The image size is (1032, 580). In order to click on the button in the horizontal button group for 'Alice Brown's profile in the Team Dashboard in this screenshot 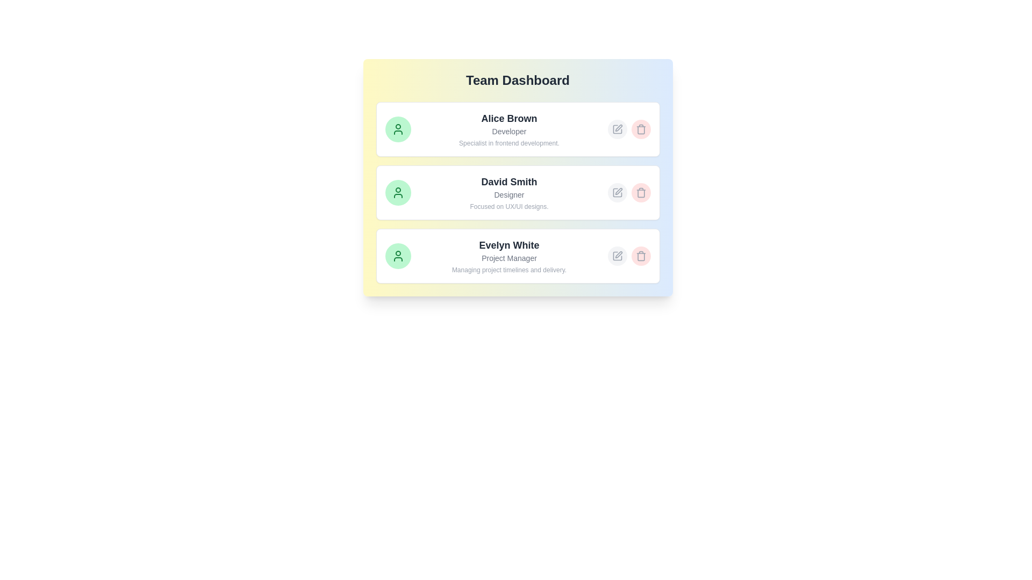, I will do `click(629, 128)`.